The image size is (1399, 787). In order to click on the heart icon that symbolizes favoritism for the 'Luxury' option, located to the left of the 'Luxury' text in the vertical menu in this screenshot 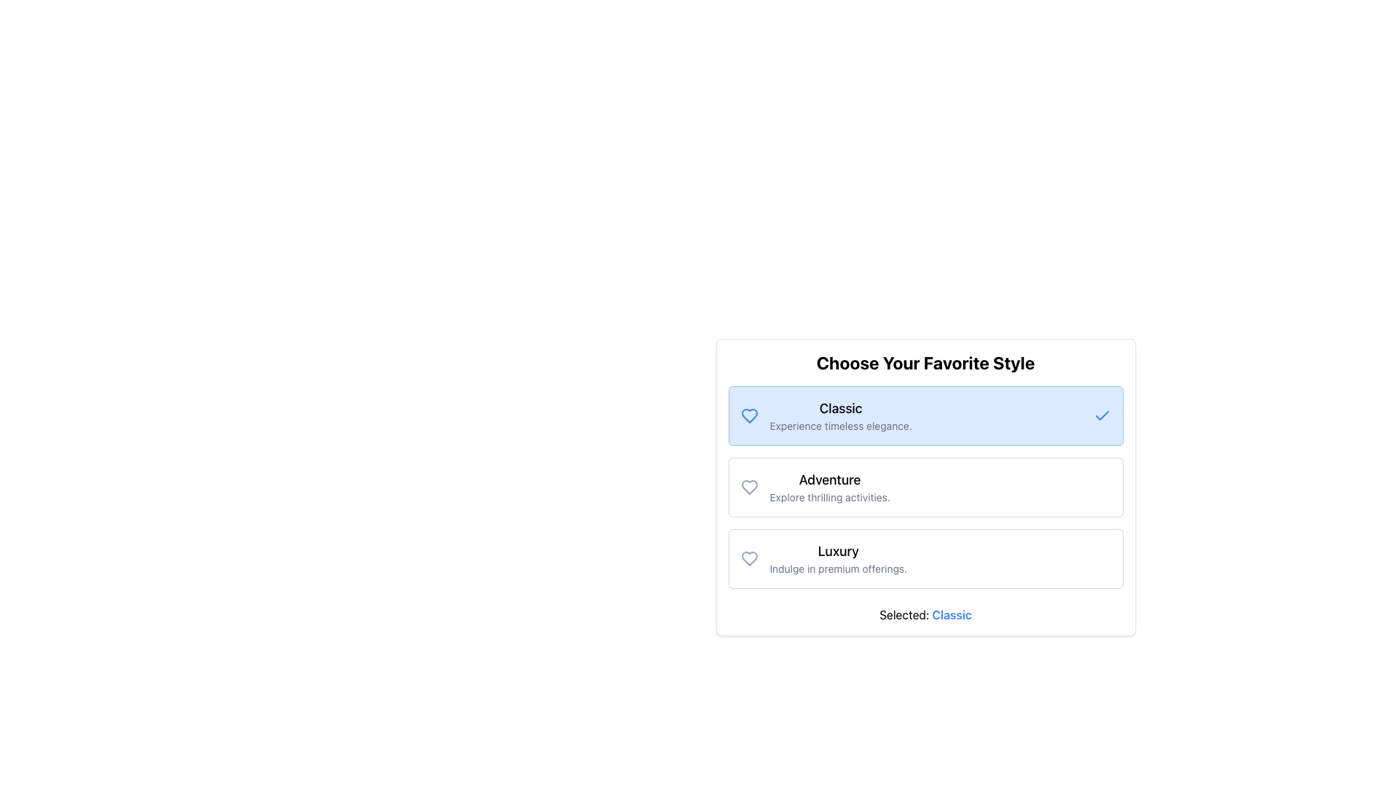, I will do `click(749, 558)`.